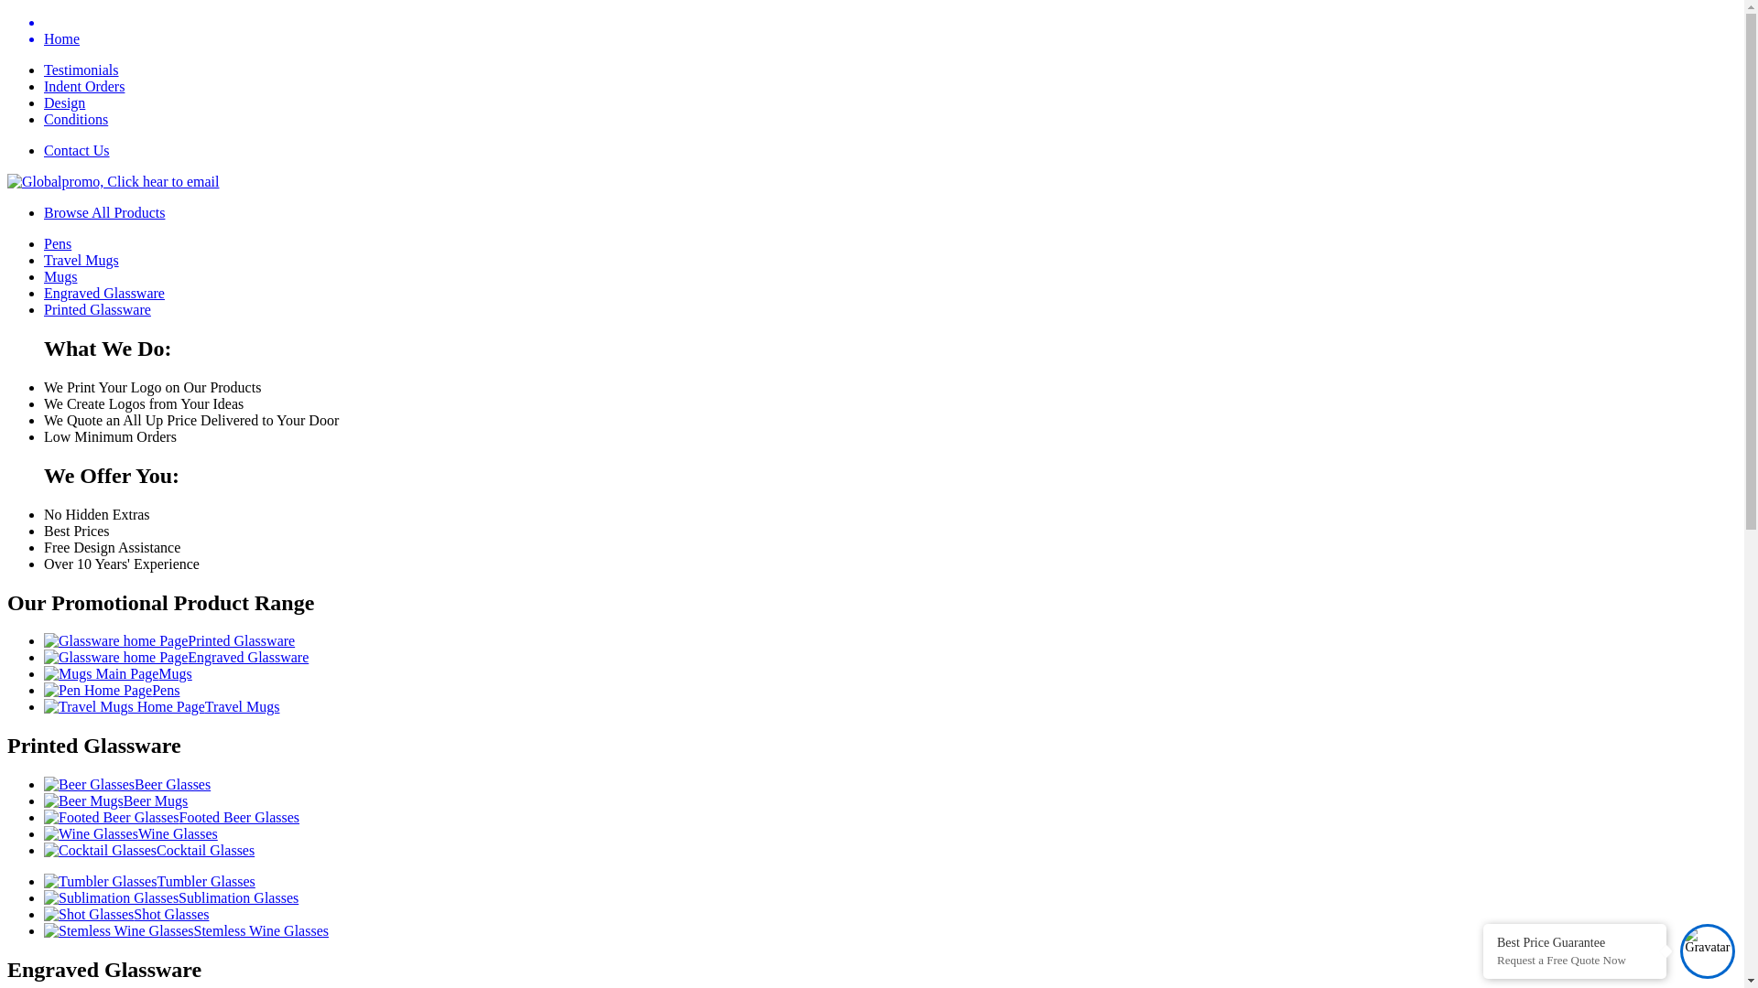 The height and width of the screenshot is (988, 1758). What do you see at coordinates (125, 914) in the screenshot?
I see `'Shot Glasses'` at bounding box center [125, 914].